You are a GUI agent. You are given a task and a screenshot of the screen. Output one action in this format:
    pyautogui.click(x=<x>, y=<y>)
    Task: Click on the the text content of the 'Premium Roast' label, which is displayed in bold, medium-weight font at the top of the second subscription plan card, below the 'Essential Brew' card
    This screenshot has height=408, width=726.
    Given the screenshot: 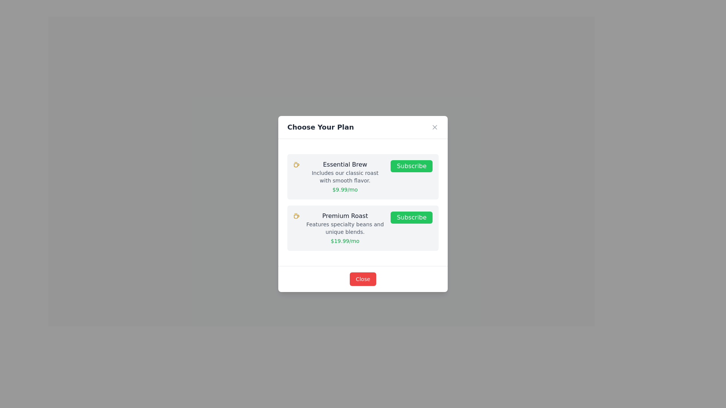 What is the action you would take?
    pyautogui.click(x=344, y=216)
    